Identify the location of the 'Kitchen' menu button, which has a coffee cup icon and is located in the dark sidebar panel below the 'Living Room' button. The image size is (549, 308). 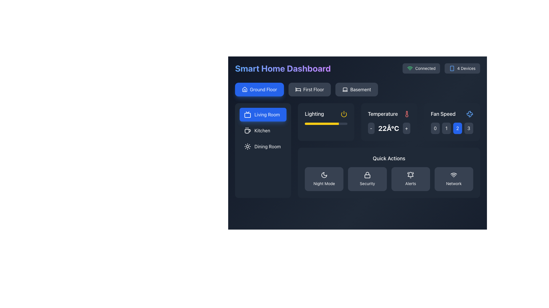
(263, 131).